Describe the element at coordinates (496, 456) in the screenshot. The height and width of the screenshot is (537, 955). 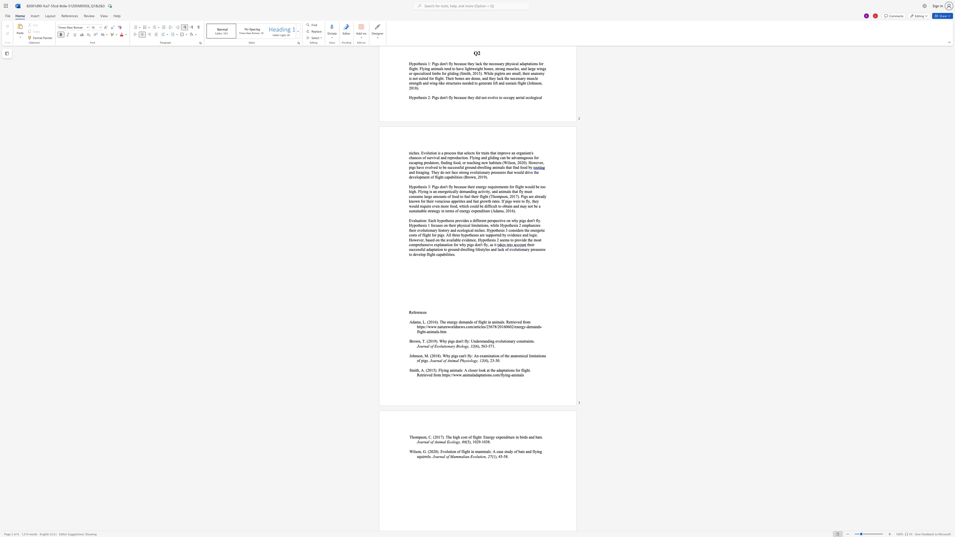
I see `the subset text ", 45-58." within the text "(1), 45-58."` at that location.